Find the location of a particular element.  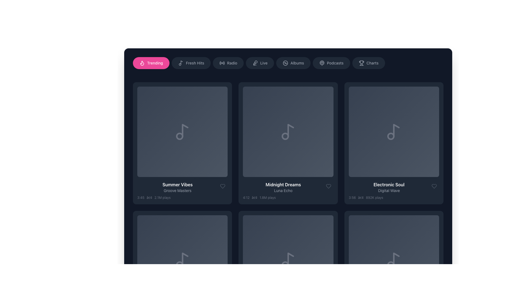

the 'Albums' button in the navigation menu is located at coordinates (293, 63).